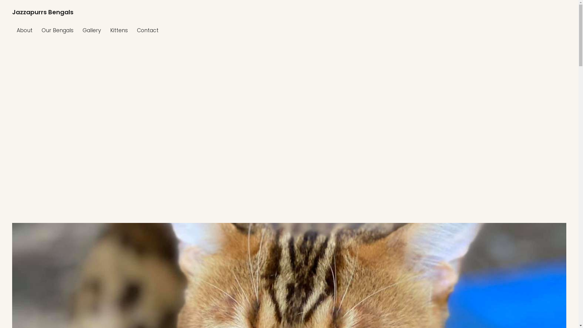 This screenshot has height=328, width=583. What do you see at coordinates (119, 30) in the screenshot?
I see `'Kittens'` at bounding box center [119, 30].